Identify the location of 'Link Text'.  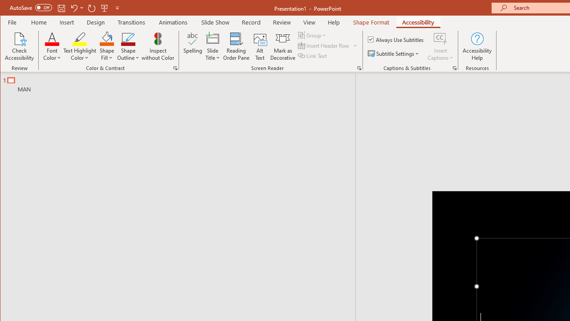
(313, 56).